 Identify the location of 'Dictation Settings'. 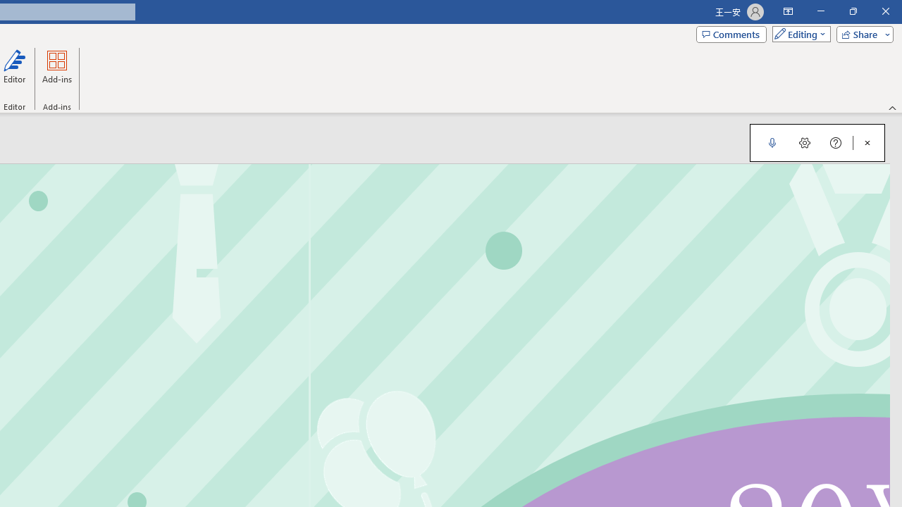
(805, 143).